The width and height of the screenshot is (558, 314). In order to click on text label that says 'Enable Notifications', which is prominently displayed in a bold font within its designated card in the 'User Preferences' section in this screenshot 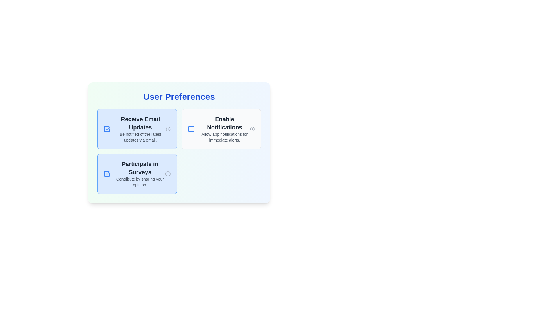, I will do `click(224, 123)`.